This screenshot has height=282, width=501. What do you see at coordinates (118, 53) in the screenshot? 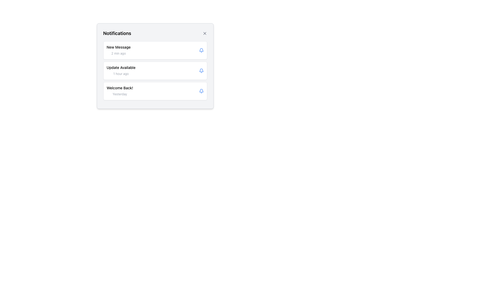
I see `the timestamp text label located beneath the title 'New Message' in the third notification card` at bounding box center [118, 53].